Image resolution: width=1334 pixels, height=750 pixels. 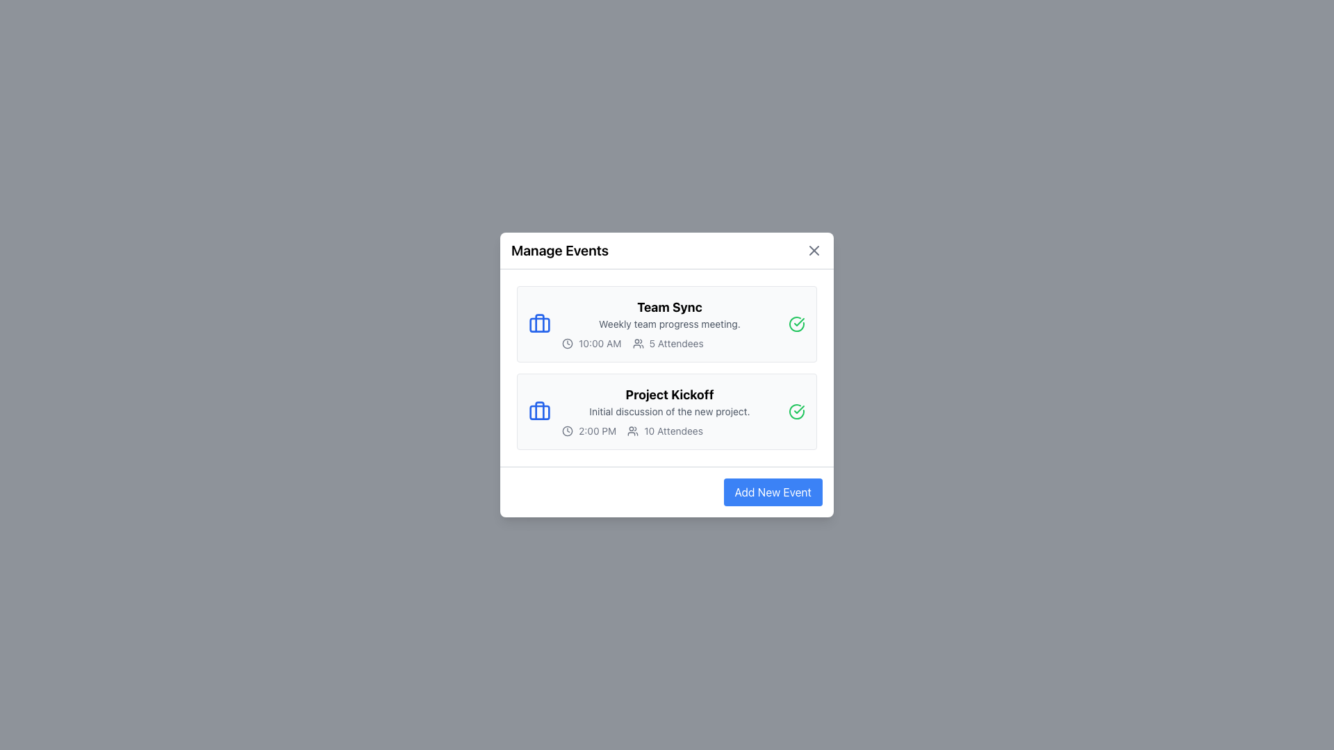 I want to click on the second list item titled 'Project Kickoff' in the 'Manage Events' popup, which includes a description and attendee information, so click(x=670, y=411).